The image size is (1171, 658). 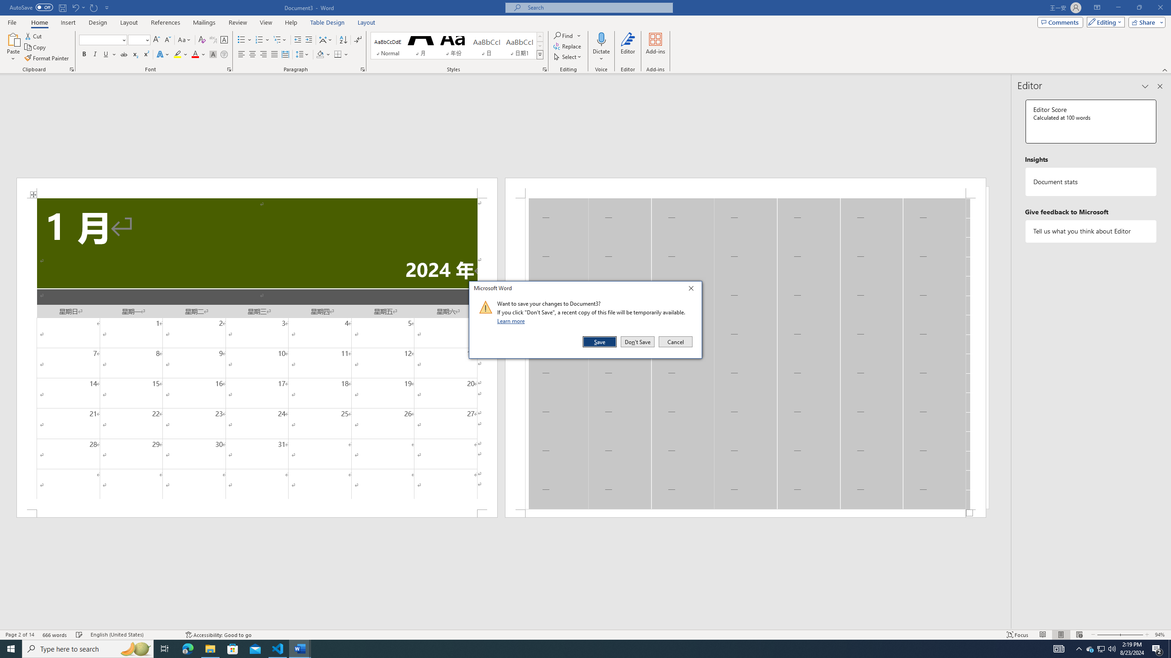 I want to click on 'Microsoft search', so click(x=596, y=7).